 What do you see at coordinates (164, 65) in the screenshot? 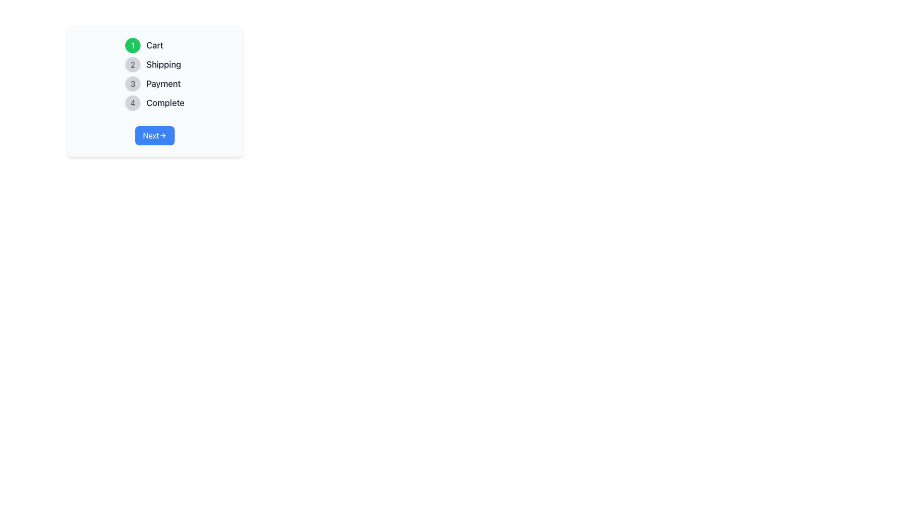
I see `the 'Shipping' label, which is the second step in the navigation interface, positioned below the 'Cart' step and above the 'Payment' step` at bounding box center [164, 65].